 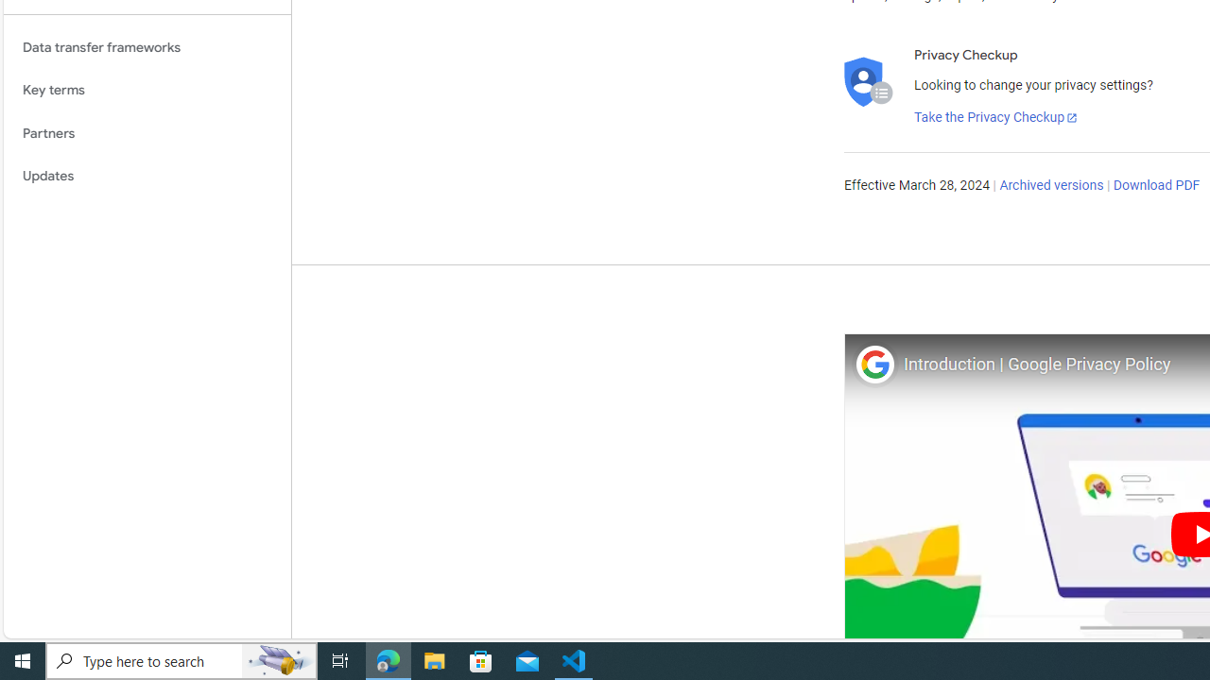 What do you see at coordinates (147, 177) in the screenshot?
I see `'Updates'` at bounding box center [147, 177].